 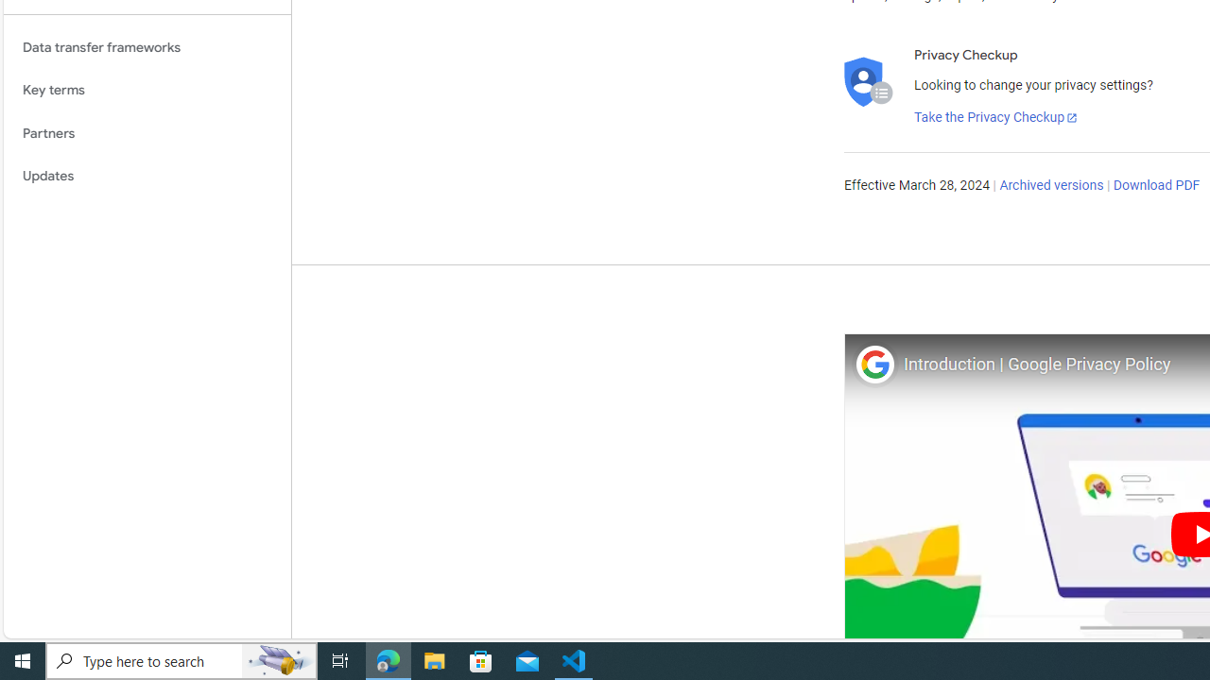 What do you see at coordinates (147, 177) in the screenshot?
I see `'Updates'` at bounding box center [147, 177].